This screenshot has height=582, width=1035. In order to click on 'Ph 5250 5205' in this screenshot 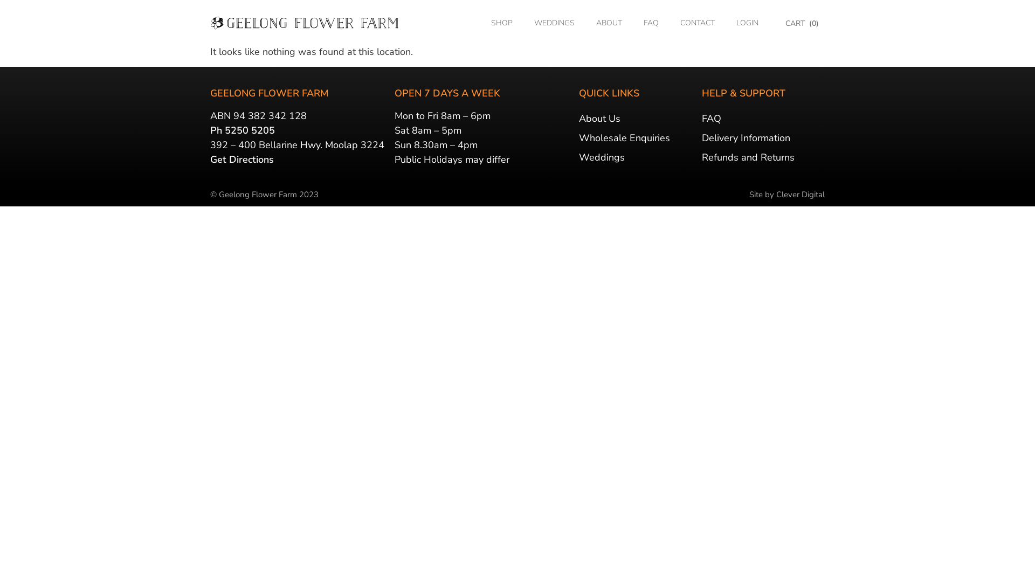, I will do `click(242, 130)`.